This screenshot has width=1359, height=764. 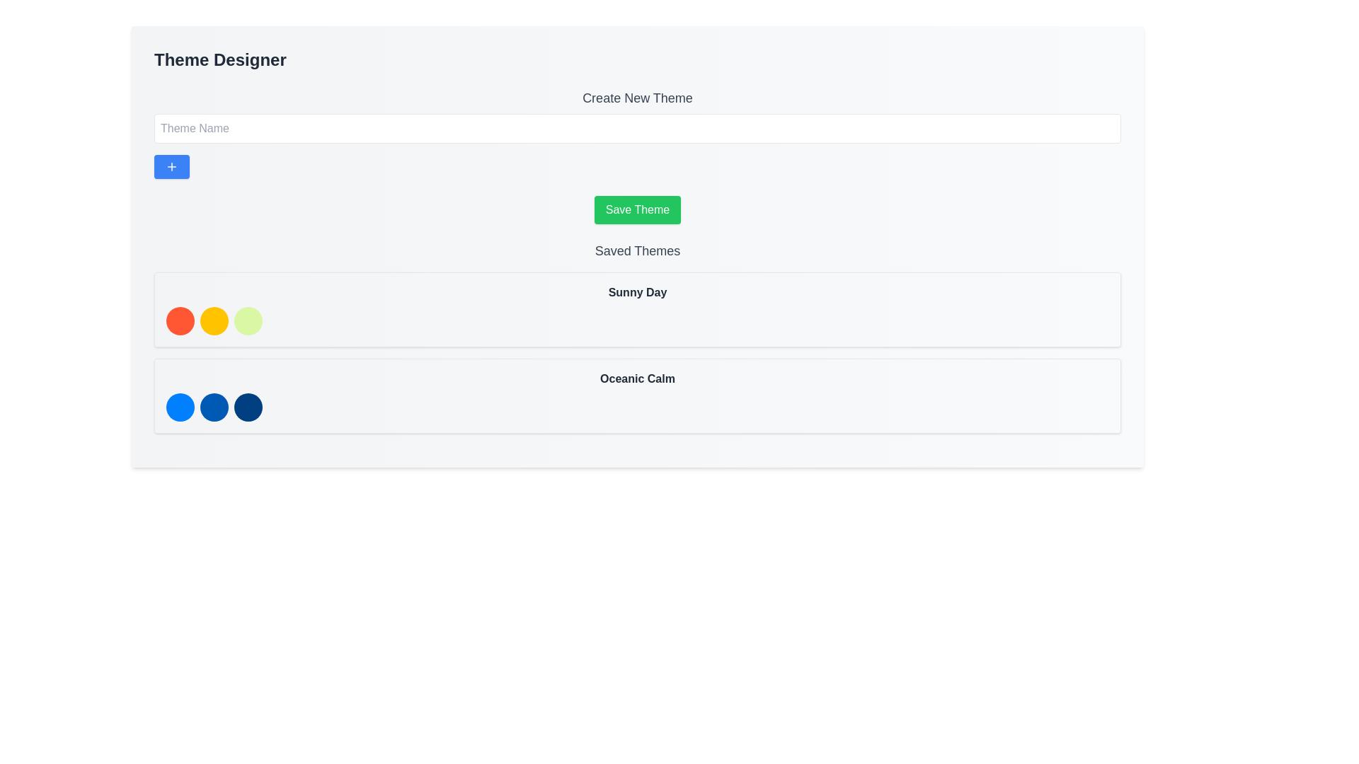 What do you see at coordinates (637, 250) in the screenshot?
I see `the non-interactive header Text Label that indicates the section for saved themes, located at the center above the themed blocks 'Sunny Day' and 'Oceanic Calm', and below the 'Save Theme' button` at bounding box center [637, 250].